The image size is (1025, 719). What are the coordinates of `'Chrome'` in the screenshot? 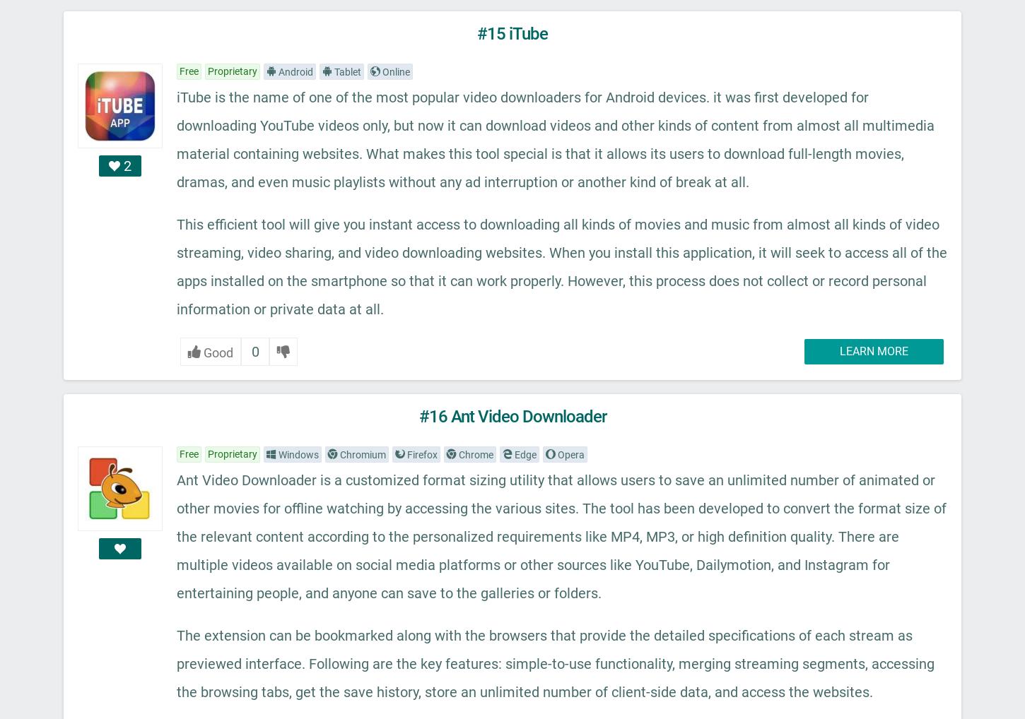 It's located at (474, 453).